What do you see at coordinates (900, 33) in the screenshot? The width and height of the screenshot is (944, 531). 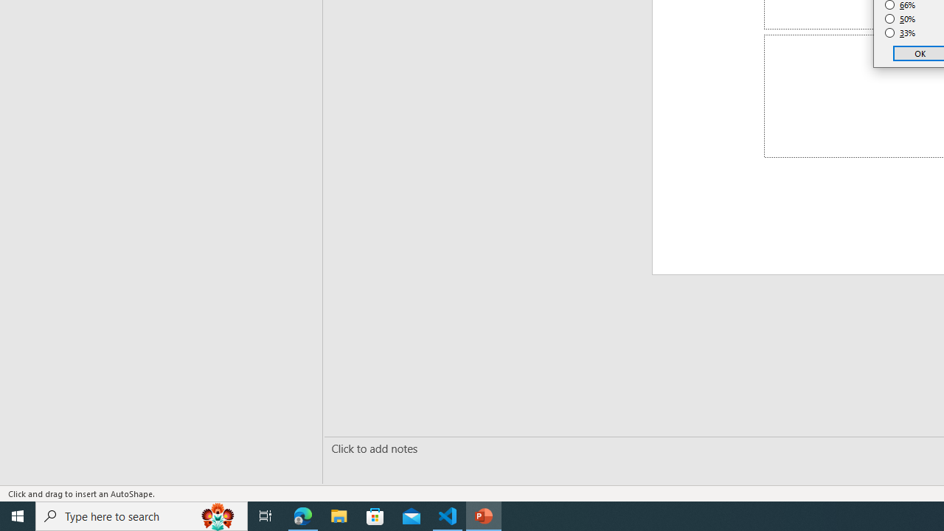 I see `'33%'` at bounding box center [900, 33].